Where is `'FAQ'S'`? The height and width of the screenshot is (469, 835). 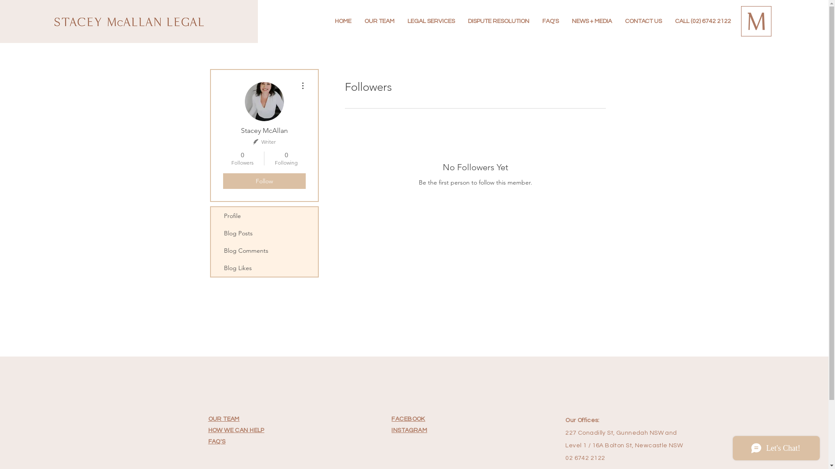 'FAQ'S' is located at coordinates (535, 21).